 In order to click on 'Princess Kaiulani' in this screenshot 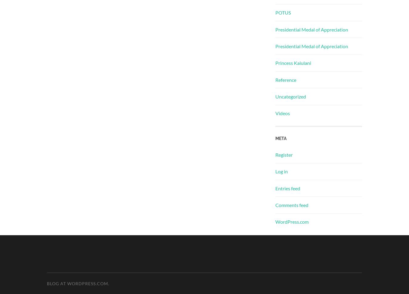, I will do `click(293, 63)`.